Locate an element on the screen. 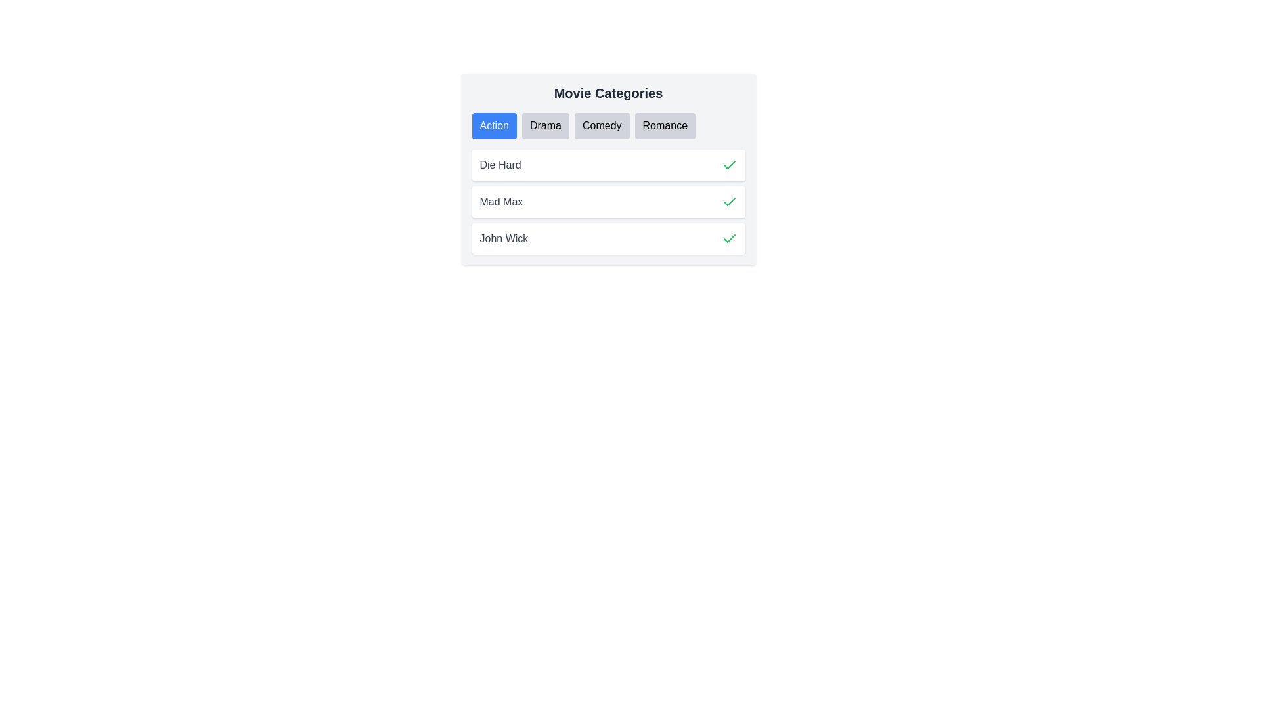 Image resolution: width=1261 pixels, height=709 pixels. the fourth button in the horizontal row of movie category buttons is located at coordinates (665, 126).